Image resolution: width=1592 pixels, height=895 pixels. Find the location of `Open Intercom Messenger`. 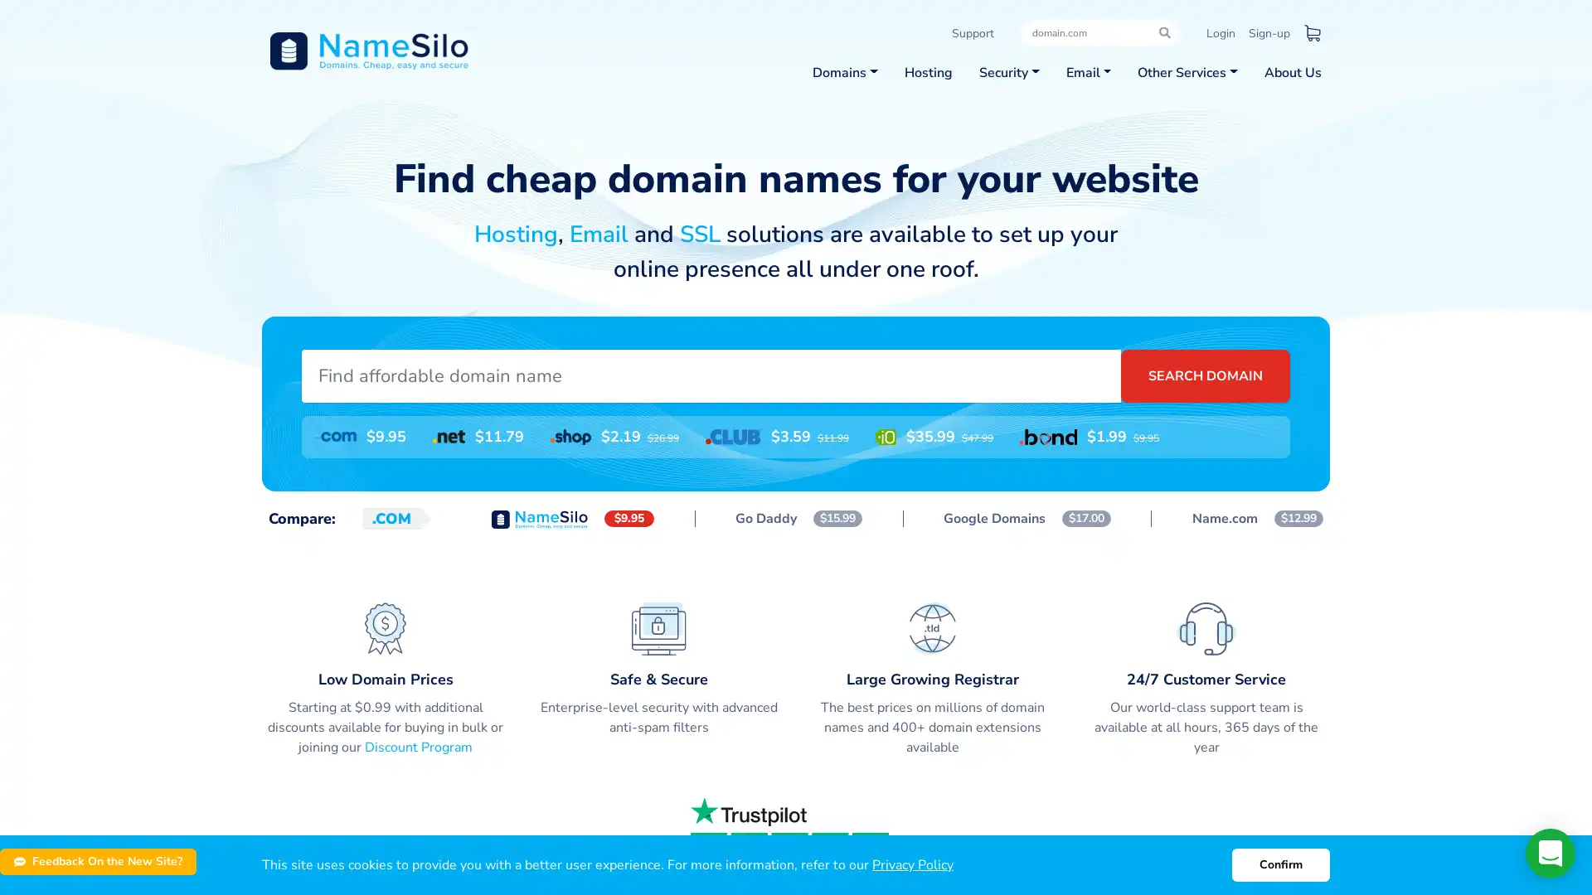

Open Intercom Messenger is located at coordinates (1550, 853).